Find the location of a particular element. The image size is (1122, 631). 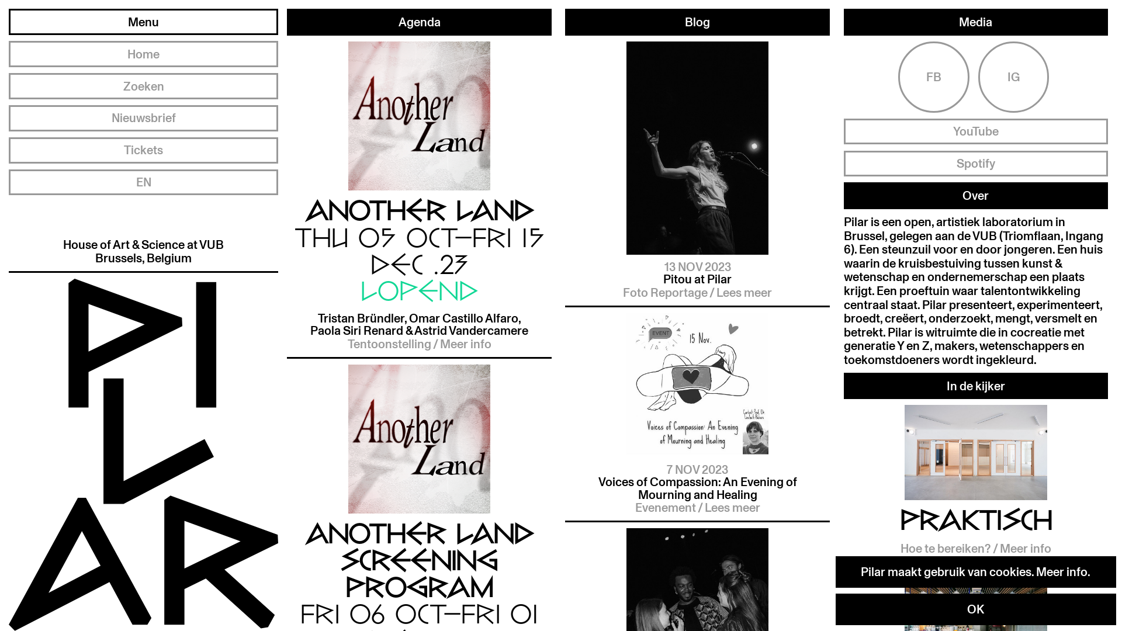

'FB' is located at coordinates (933, 77).